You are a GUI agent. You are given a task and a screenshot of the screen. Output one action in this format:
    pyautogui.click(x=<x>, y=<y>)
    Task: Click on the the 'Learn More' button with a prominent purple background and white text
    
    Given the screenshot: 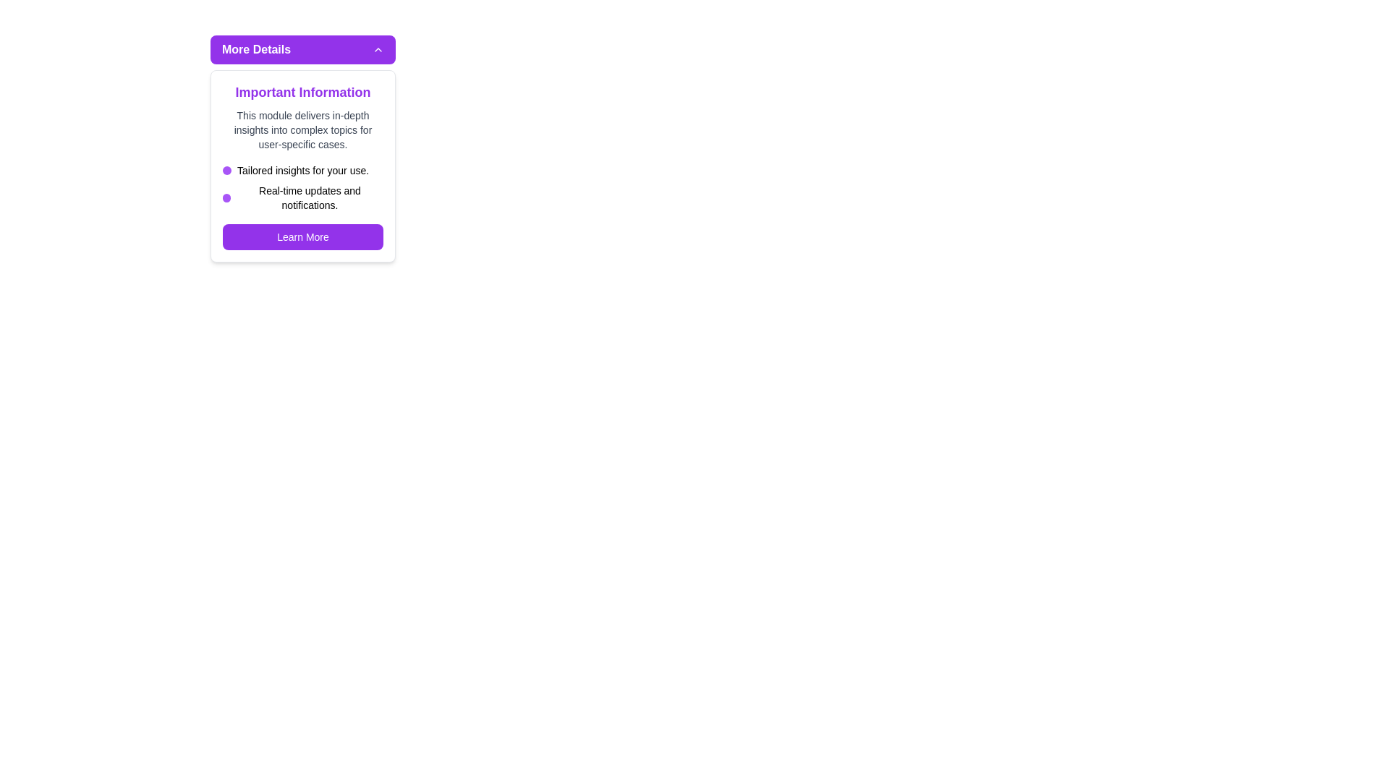 What is the action you would take?
    pyautogui.click(x=302, y=236)
    